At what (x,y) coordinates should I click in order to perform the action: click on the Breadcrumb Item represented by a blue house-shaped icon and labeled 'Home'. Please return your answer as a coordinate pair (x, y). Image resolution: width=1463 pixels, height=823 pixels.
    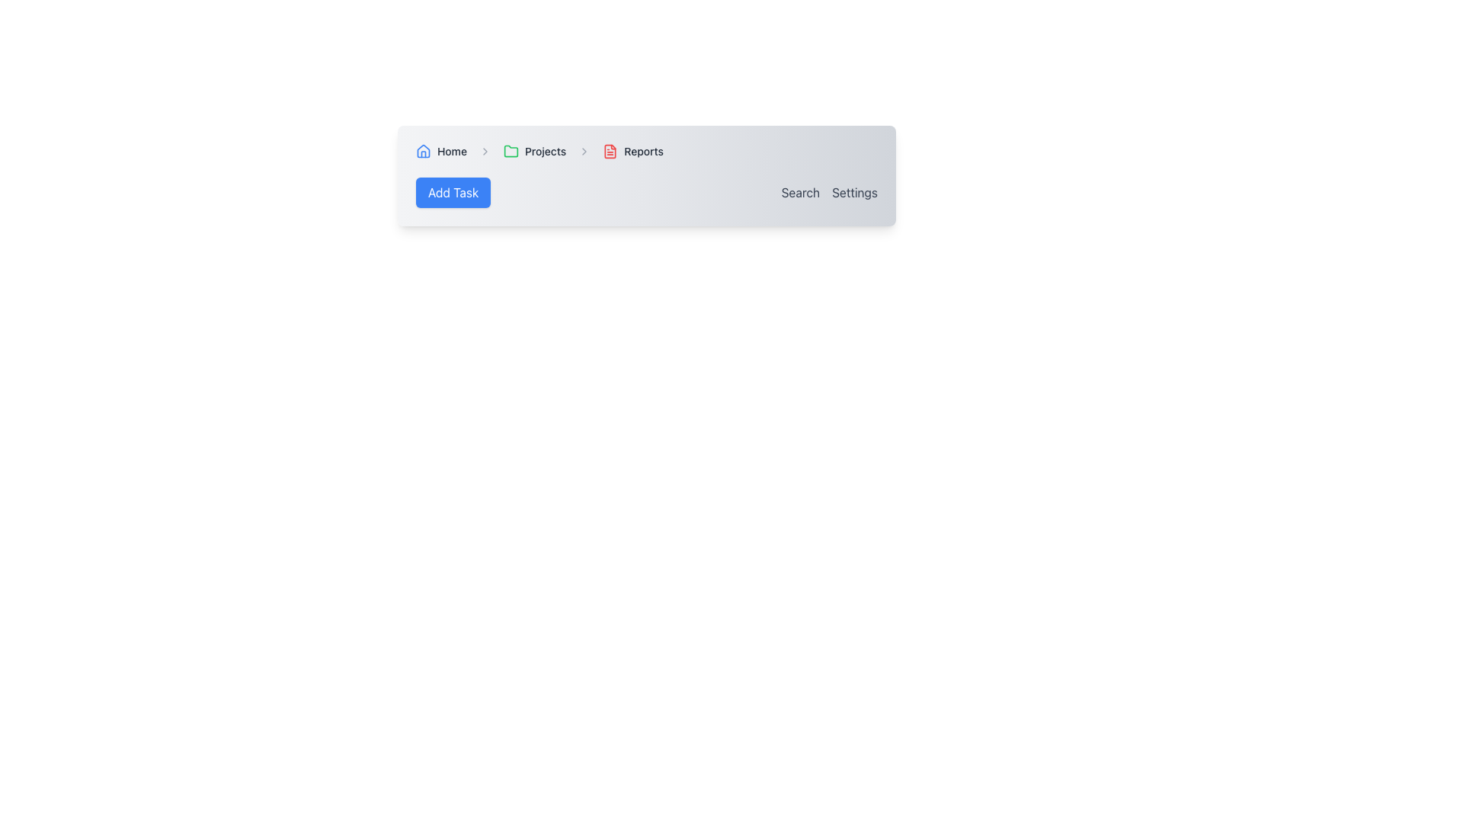
    Looking at the image, I should click on (440, 152).